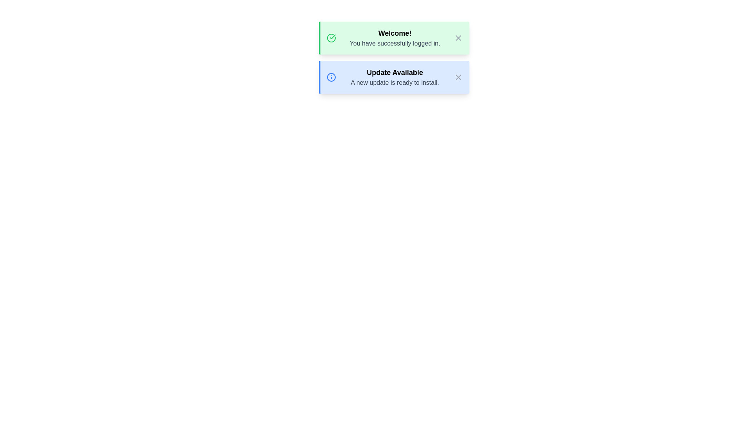 This screenshot has height=424, width=753. Describe the element at coordinates (395, 77) in the screenshot. I see `text content of the notification box displaying 'Update Available' and 'A new update is ready to install.'` at that location.